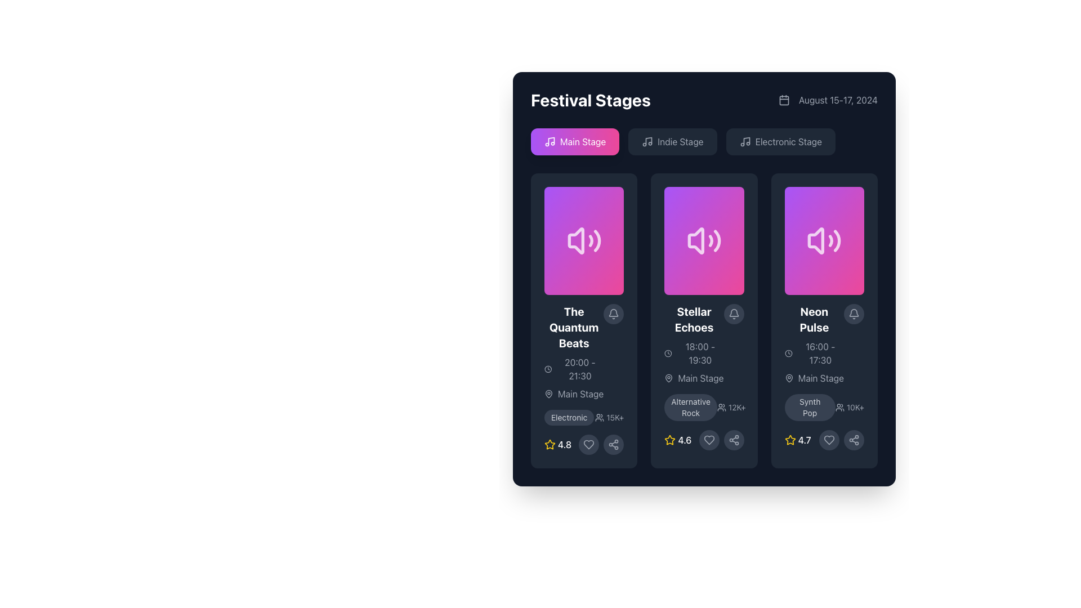 This screenshot has height=608, width=1081. I want to click on the compact label with the text 'Electronic' and the adjacent user icon with '15K+' in the first card of 'The Quantum Beats' located at the bottom-left, so click(584, 417).